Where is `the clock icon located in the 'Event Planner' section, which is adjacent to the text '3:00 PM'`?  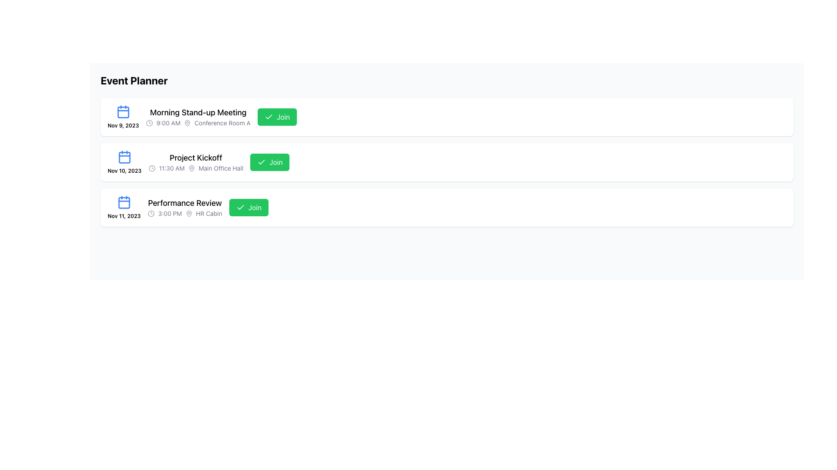 the clock icon located in the 'Event Planner' section, which is adjacent to the text '3:00 PM' is located at coordinates (151, 213).